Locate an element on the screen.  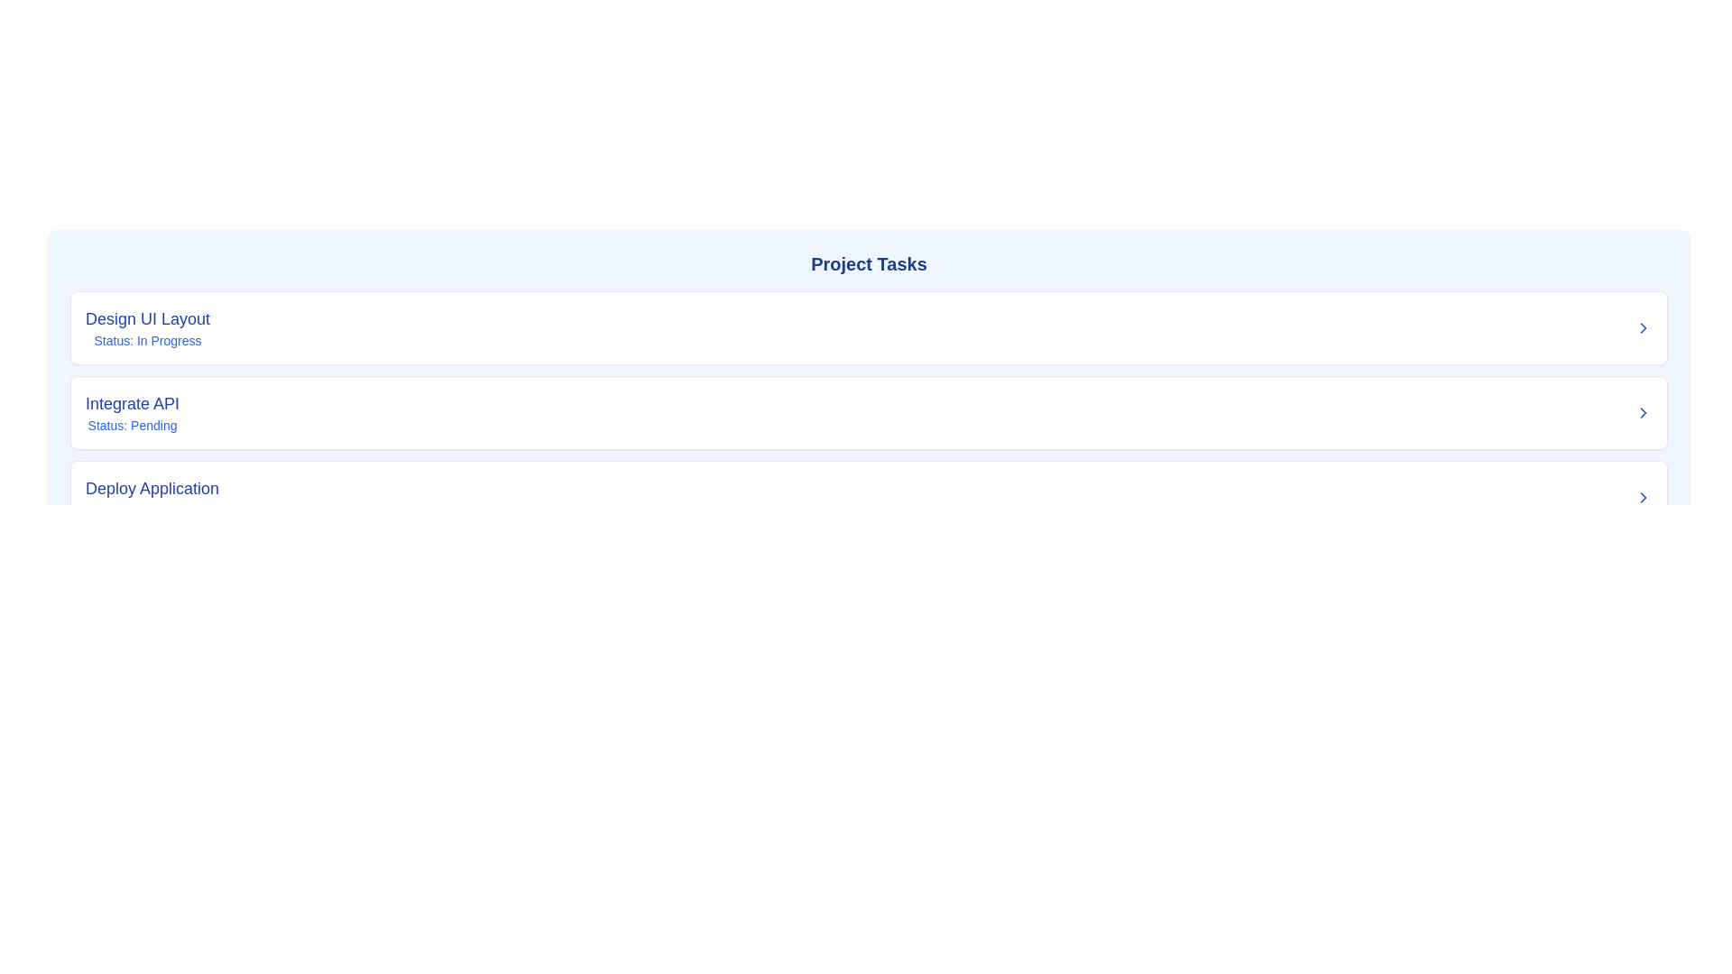
the small right-facing chevron icon outlined in blue, located next to the 'Integrate API' list item is located at coordinates (1644, 413).